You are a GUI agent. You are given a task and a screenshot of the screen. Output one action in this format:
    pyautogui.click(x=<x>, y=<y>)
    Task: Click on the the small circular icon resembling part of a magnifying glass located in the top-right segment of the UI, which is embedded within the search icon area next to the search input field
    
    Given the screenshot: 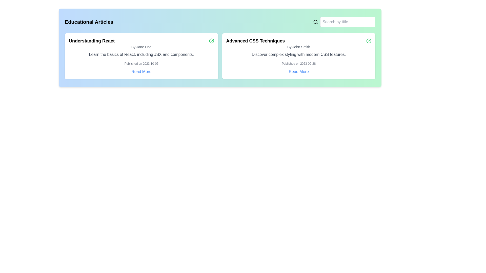 What is the action you would take?
    pyautogui.click(x=315, y=21)
    